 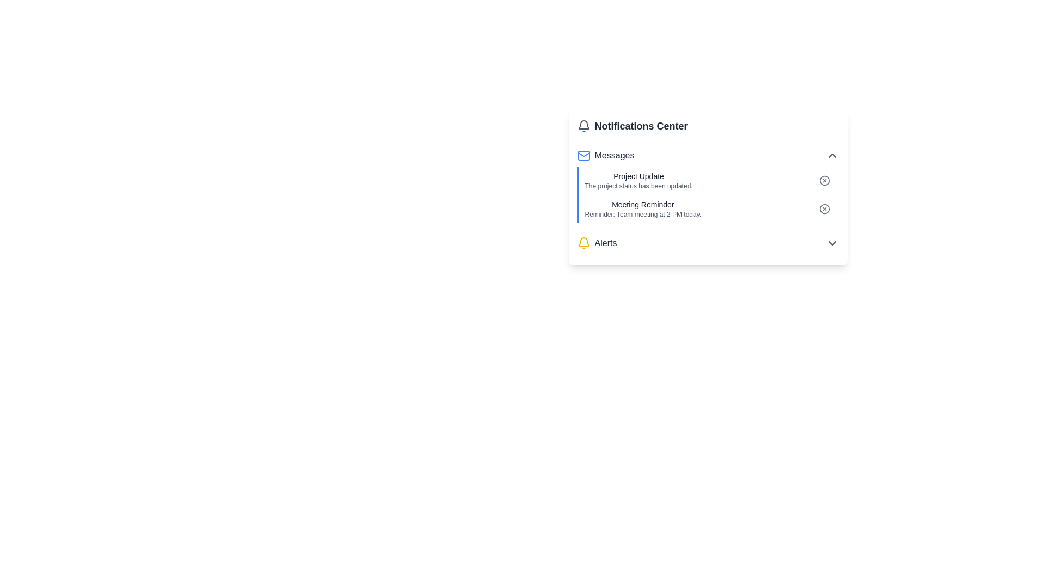 What do you see at coordinates (596, 243) in the screenshot?
I see `the Composite element with icon and text located at the bottom of the notification center panel` at bounding box center [596, 243].